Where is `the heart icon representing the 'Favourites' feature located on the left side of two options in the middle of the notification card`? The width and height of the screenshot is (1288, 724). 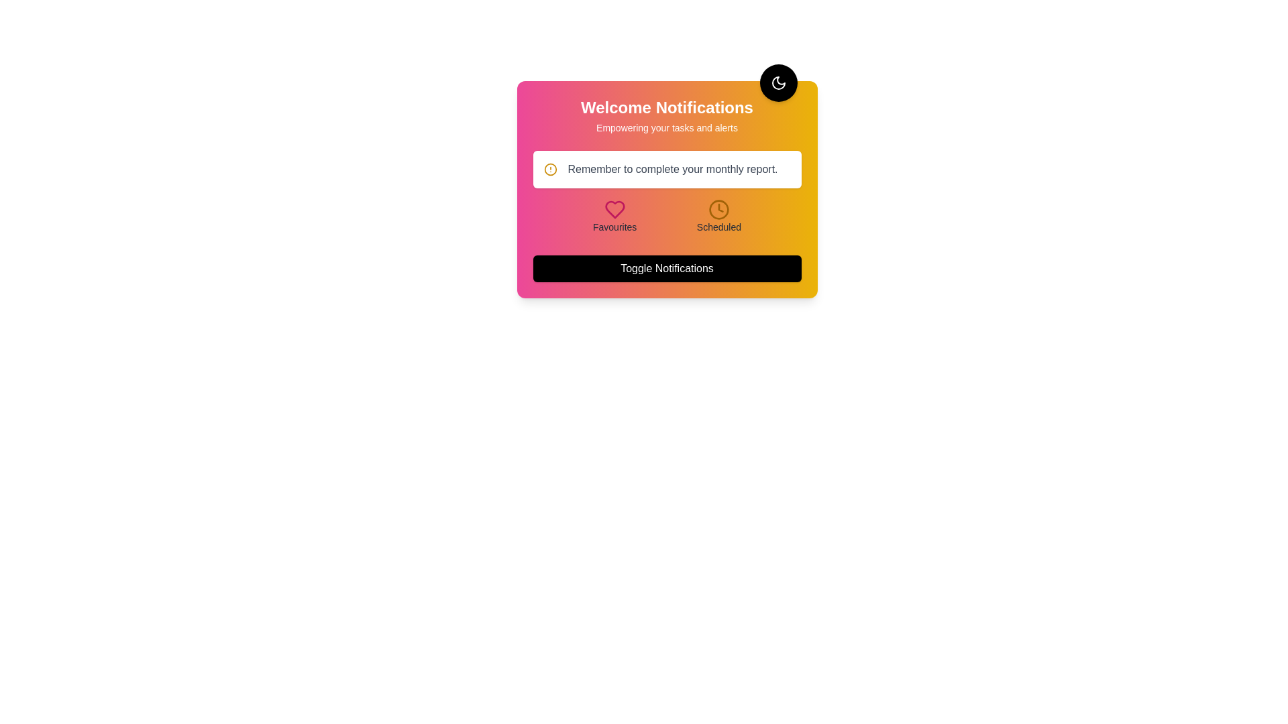 the heart icon representing the 'Favourites' feature located on the left side of two options in the middle of the notification card is located at coordinates (614, 209).